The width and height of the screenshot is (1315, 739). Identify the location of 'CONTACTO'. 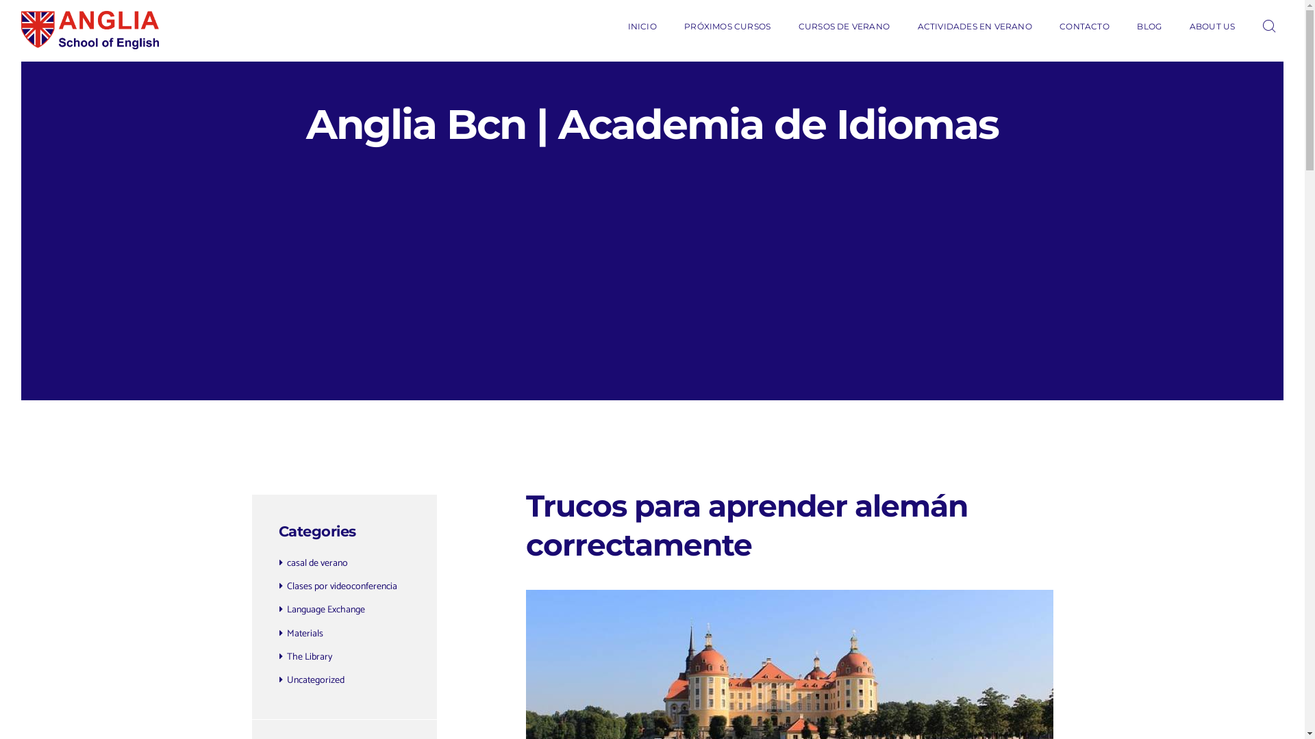
(1084, 26).